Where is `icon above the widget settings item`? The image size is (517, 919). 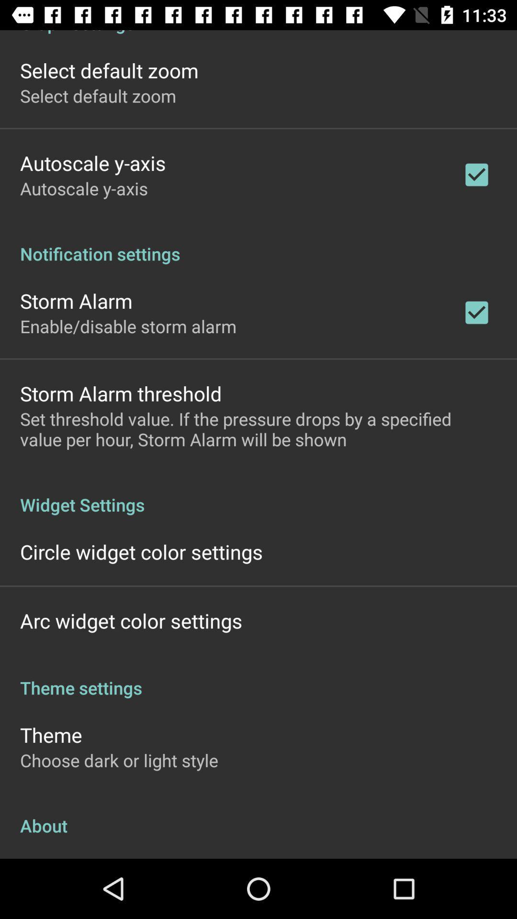
icon above the widget settings item is located at coordinates (258, 428).